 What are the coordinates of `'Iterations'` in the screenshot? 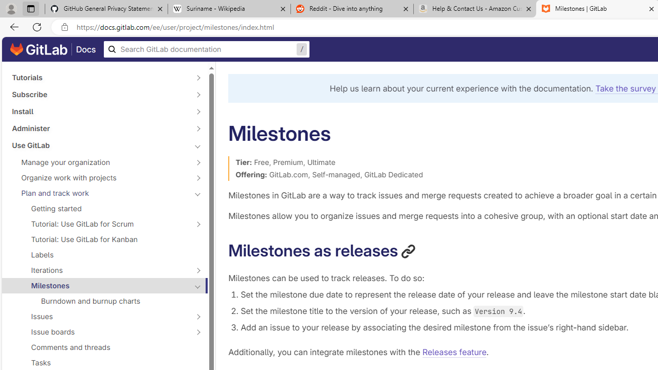 It's located at (99, 269).